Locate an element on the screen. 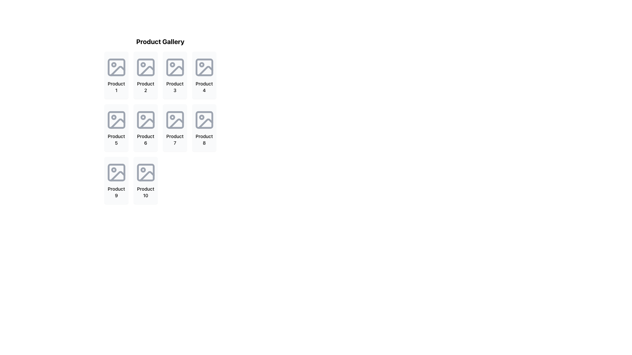 The height and width of the screenshot is (355, 632). the image placeholder icon located in the center column of the product grid, specifically in the second row and sixth position under 'Product 6' is located at coordinates (145, 120).